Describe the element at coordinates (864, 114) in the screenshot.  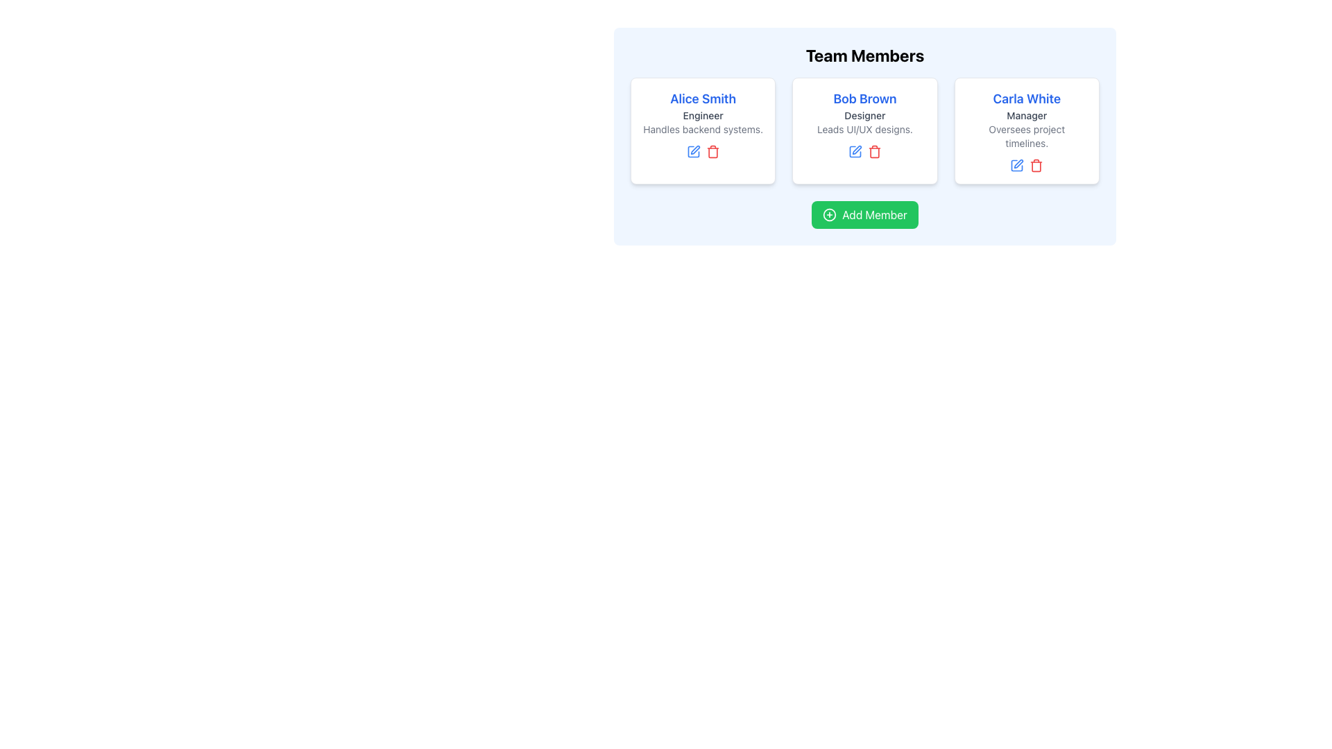
I see `the Text Label displaying the word 'Designer', which is styled in gray and positioned below 'Bob Brown' and above 'Leads UI/UX designs.'` at that location.